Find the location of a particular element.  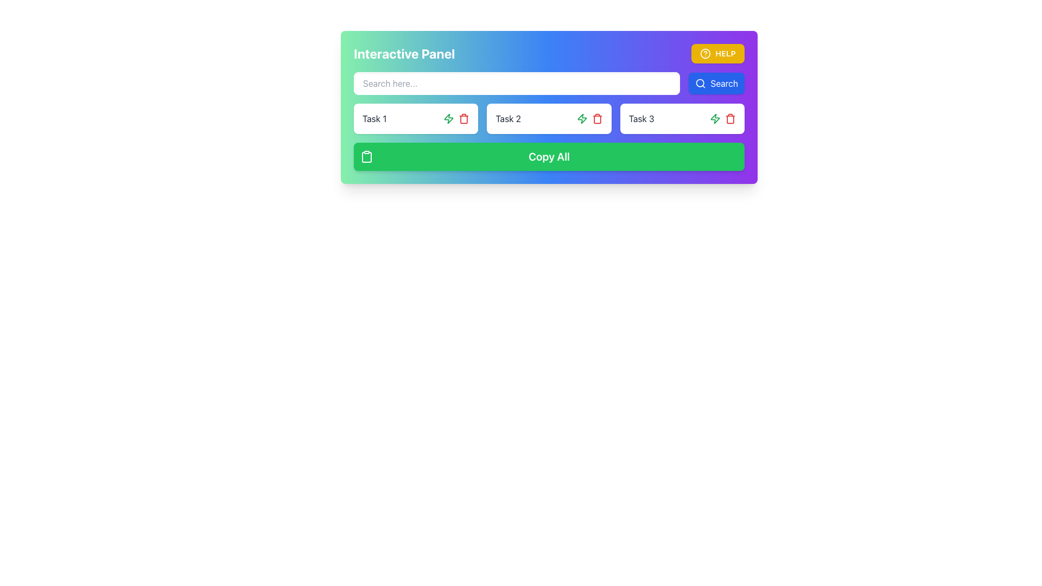

the red trash bin icon is located at coordinates (730, 119).